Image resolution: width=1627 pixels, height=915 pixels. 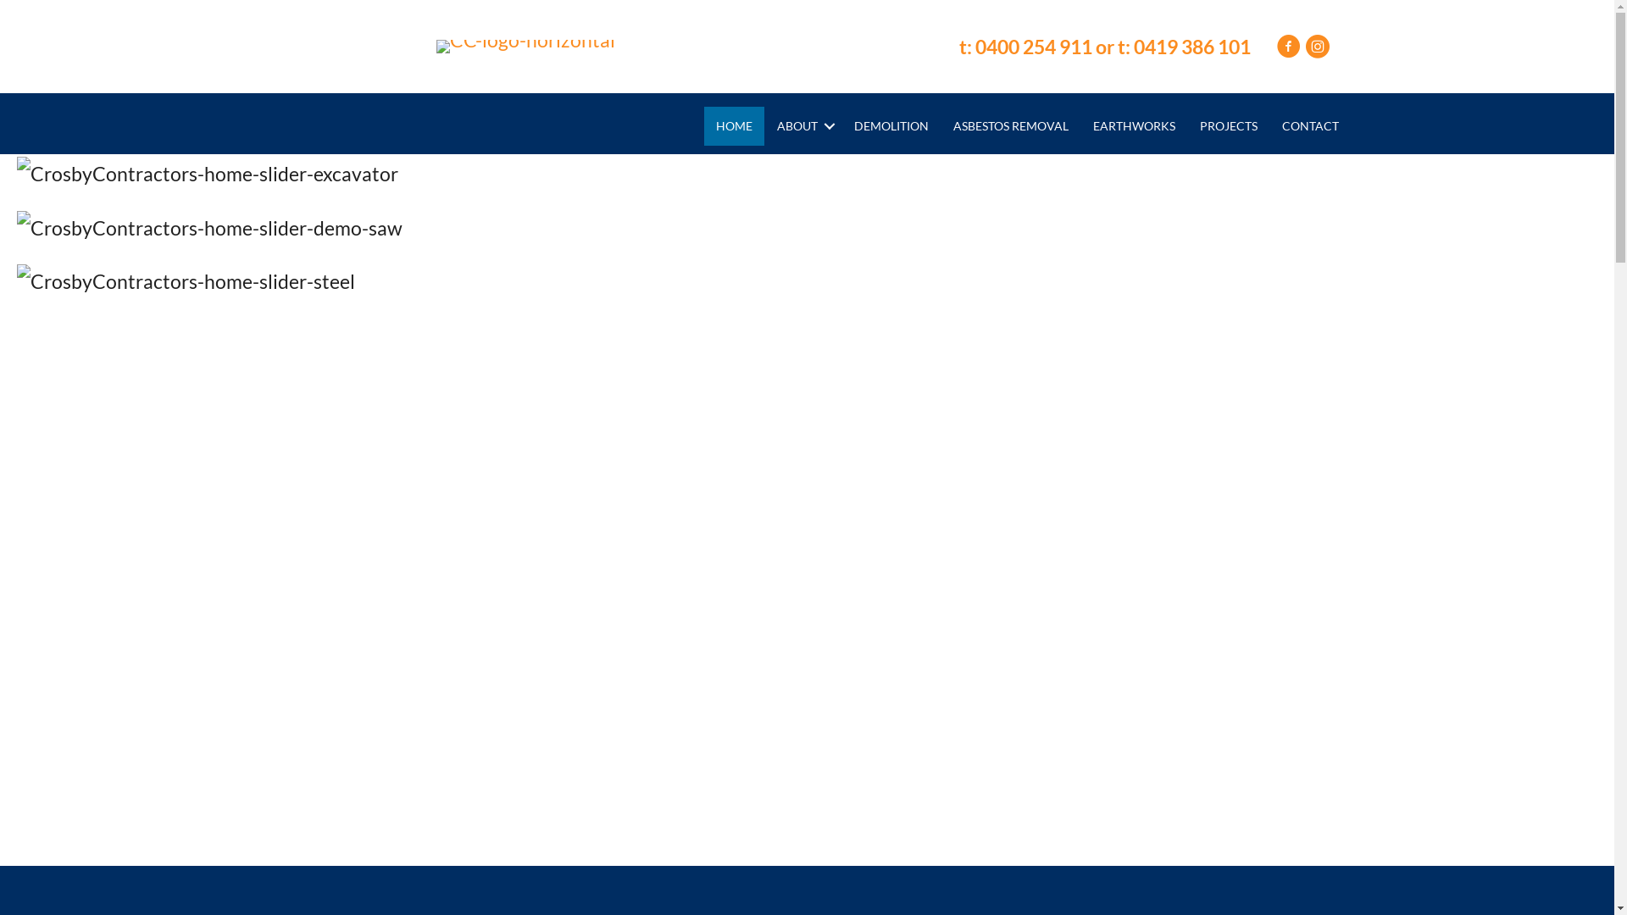 I want to click on 'ASBESTOS REMOVAL', so click(x=940, y=125).